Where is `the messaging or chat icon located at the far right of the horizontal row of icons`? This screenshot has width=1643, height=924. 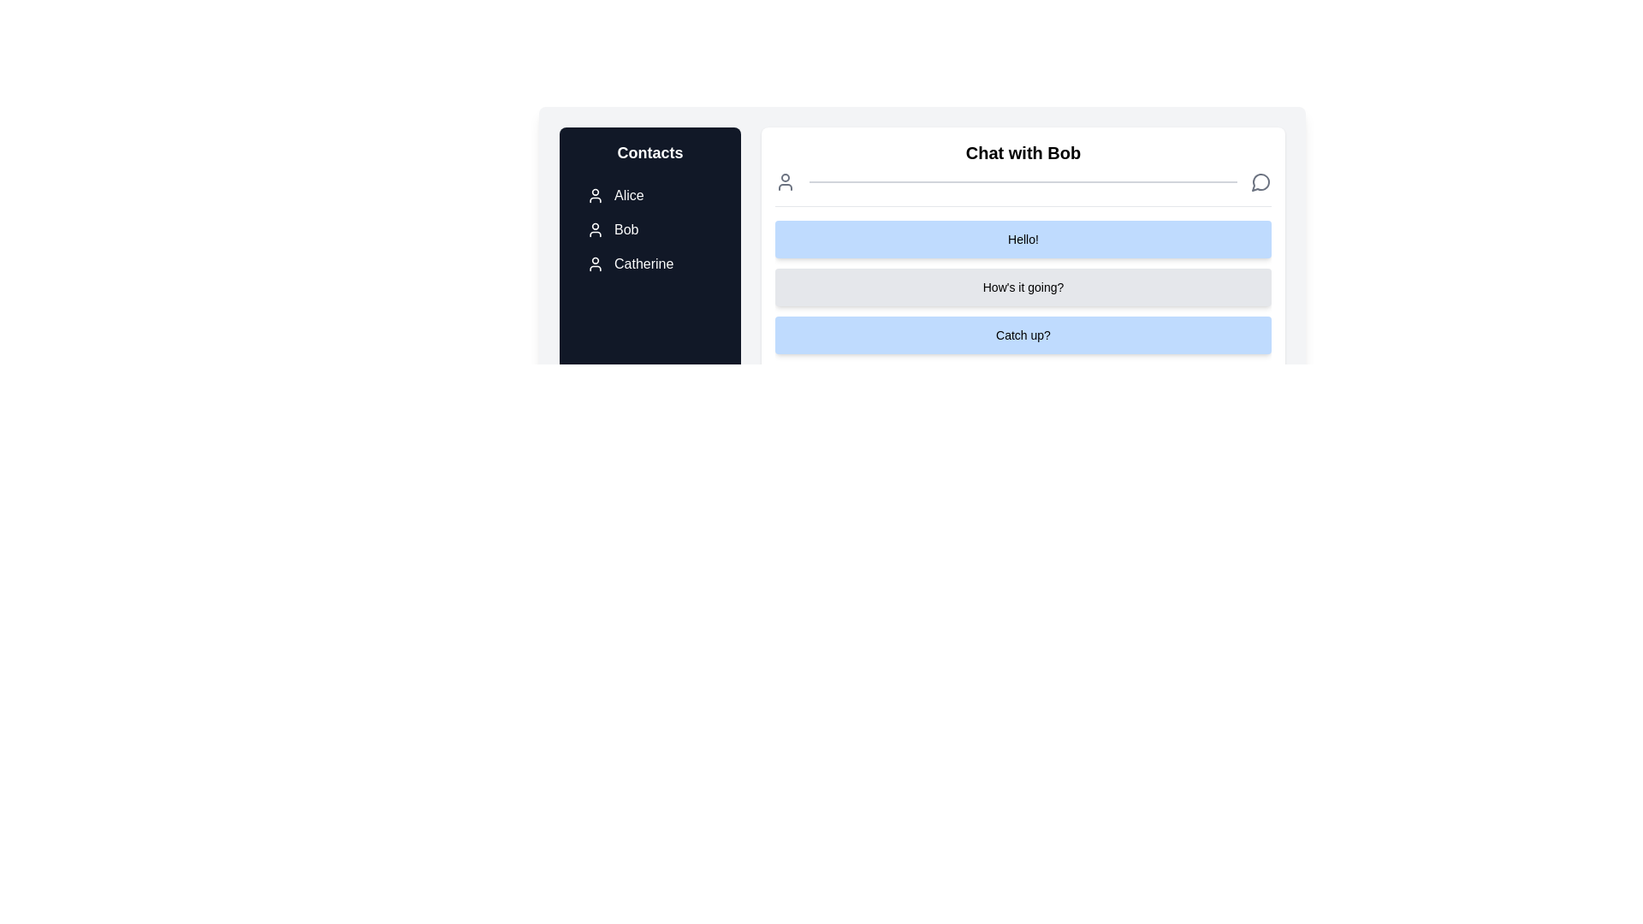 the messaging or chat icon located at the far right of the horizontal row of icons is located at coordinates (1260, 181).